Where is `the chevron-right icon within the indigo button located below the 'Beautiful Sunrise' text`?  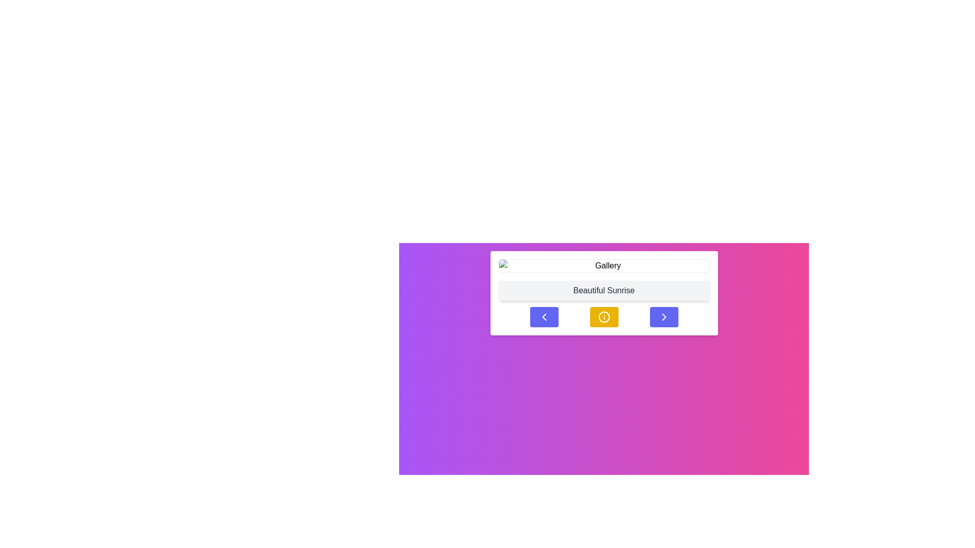 the chevron-right icon within the indigo button located below the 'Beautiful Sunrise' text is located at coordinates (664, 316).